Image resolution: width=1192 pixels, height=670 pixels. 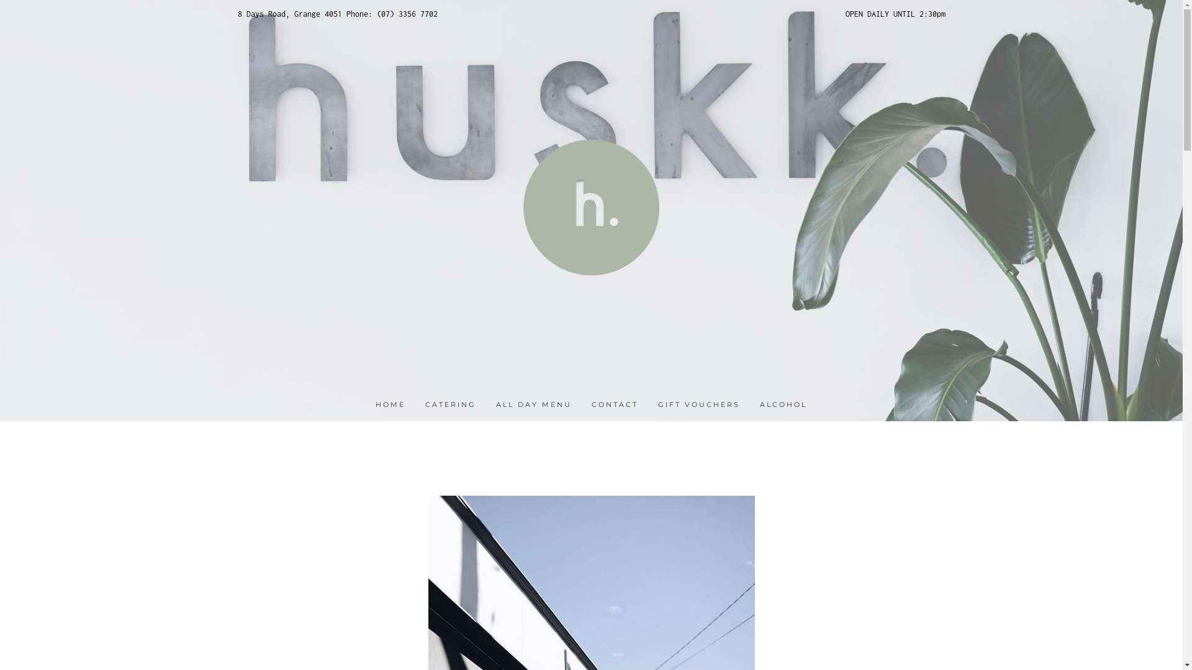 I want to click on 'ALCOHOL', so click(x=783, y=405).